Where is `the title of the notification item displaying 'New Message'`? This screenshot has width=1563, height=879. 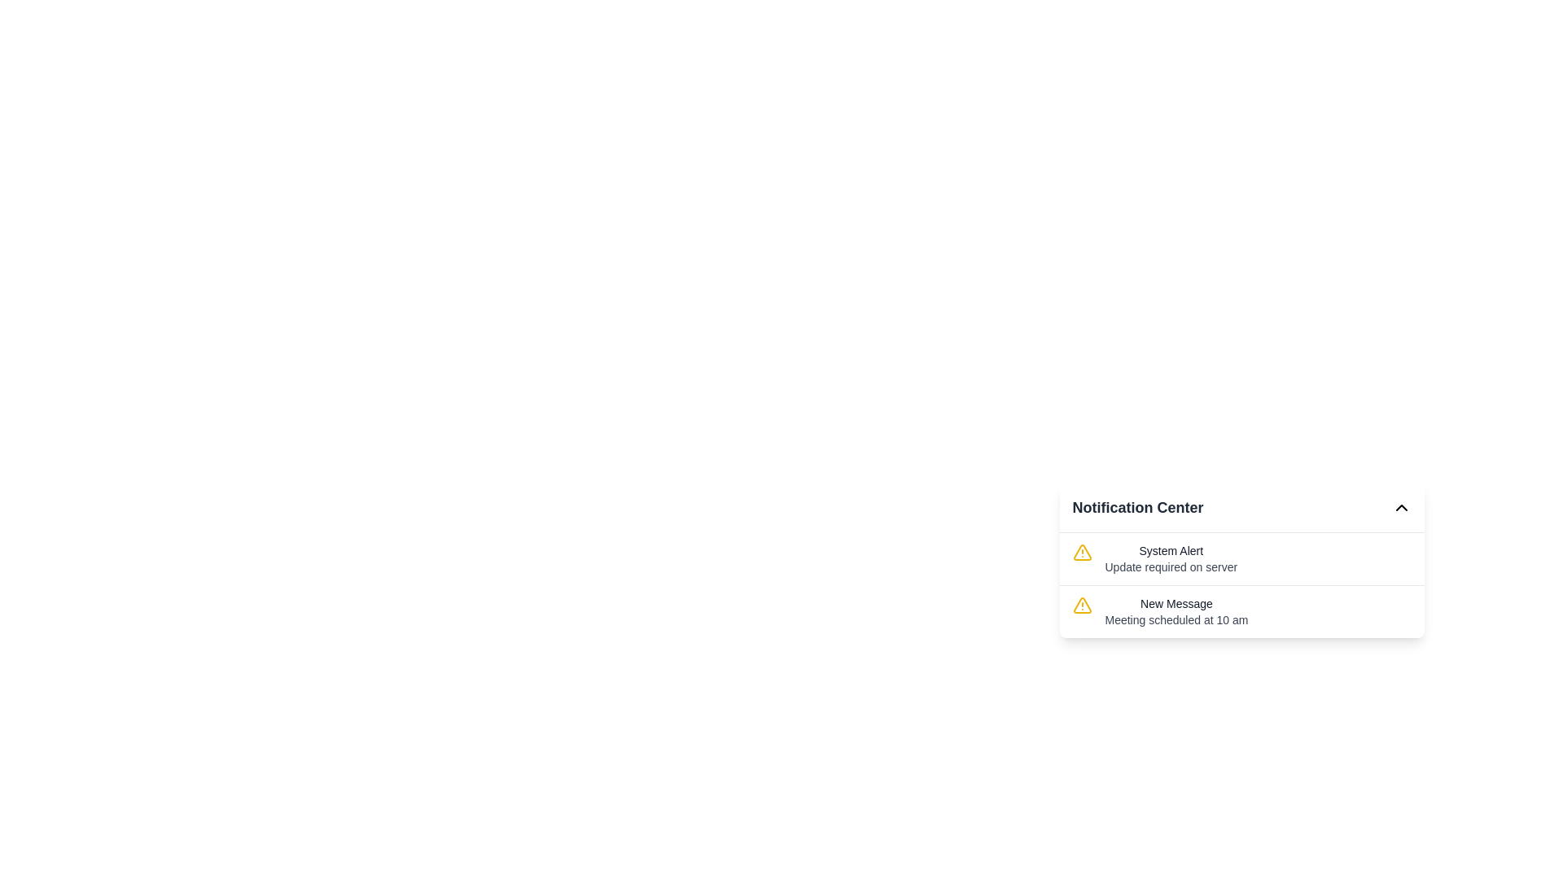
the title of the notification item displaying 'New Message' is located at coordinates (1241, 611).